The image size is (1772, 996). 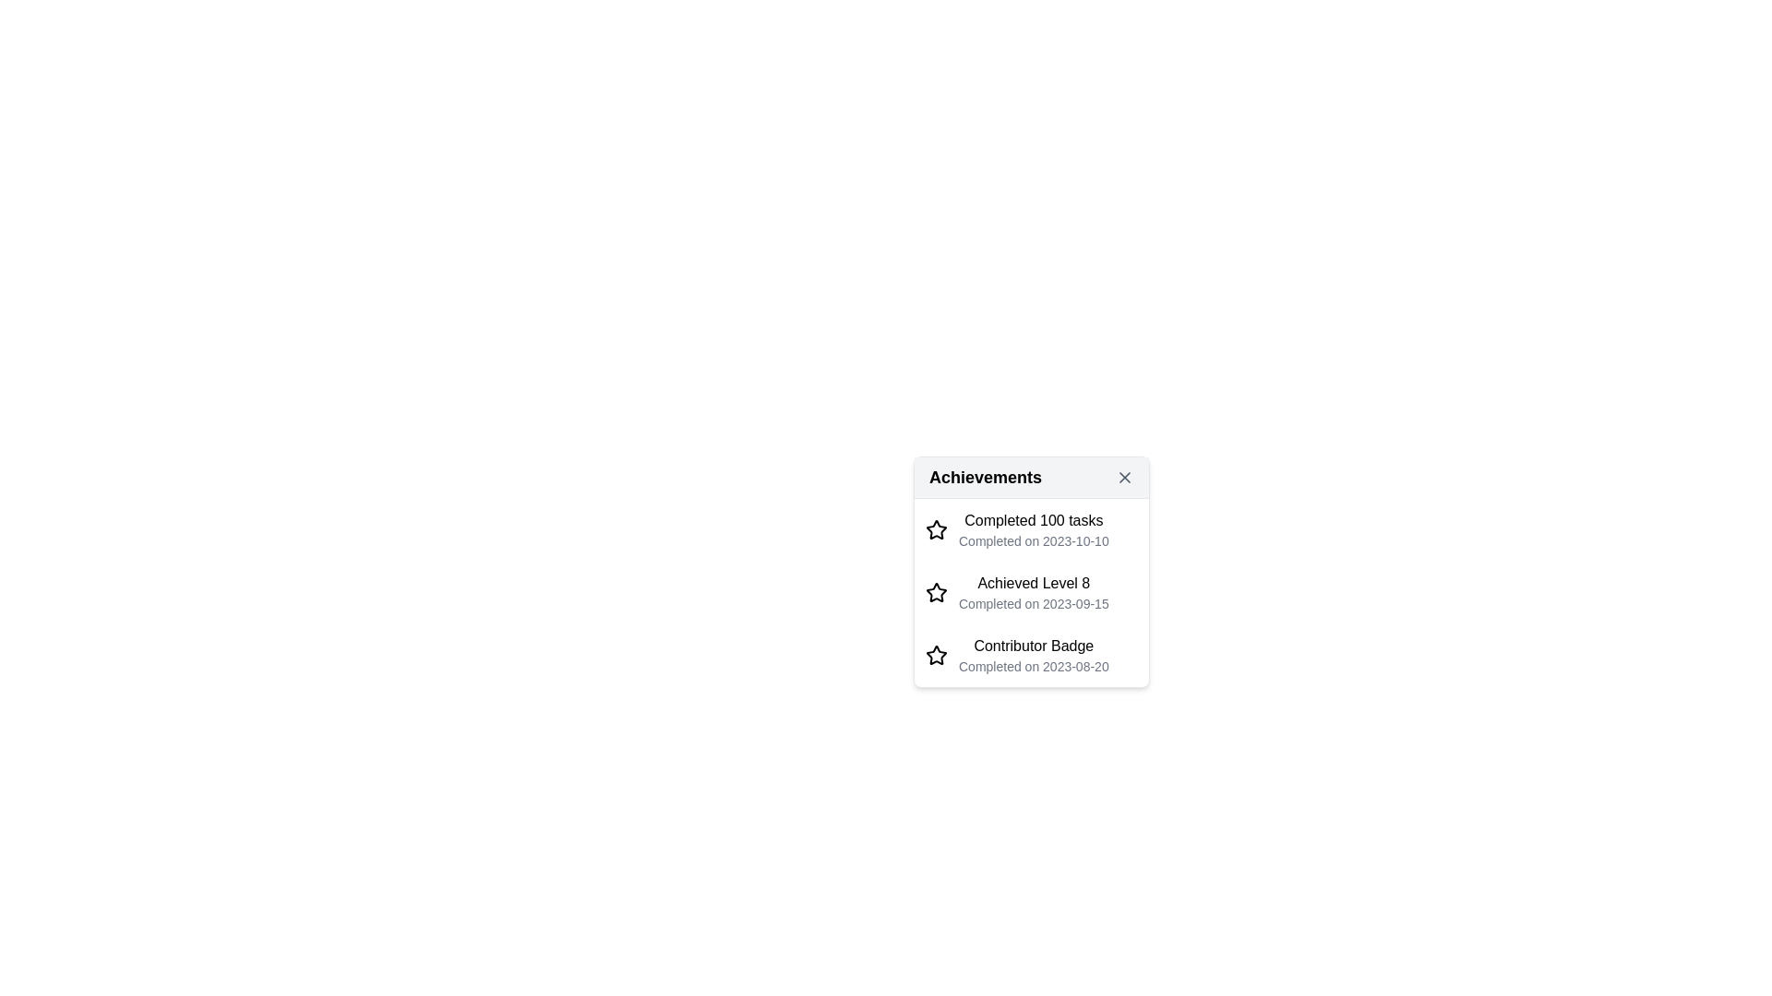 I want to click on the text label indicating the completion date of an achievement, located below 'Completed 100 tasks' in the achievements list, so click(x=1034, y=539).